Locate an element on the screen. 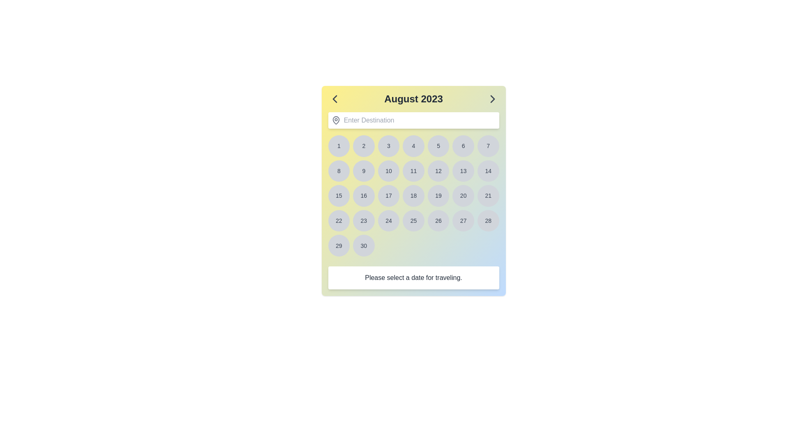 The width and height of the screenshot is (789, 444). the circular button displaying the number '30' in bold text, located in the bottom-right corner of the grid is located at coordinates (363, 245).